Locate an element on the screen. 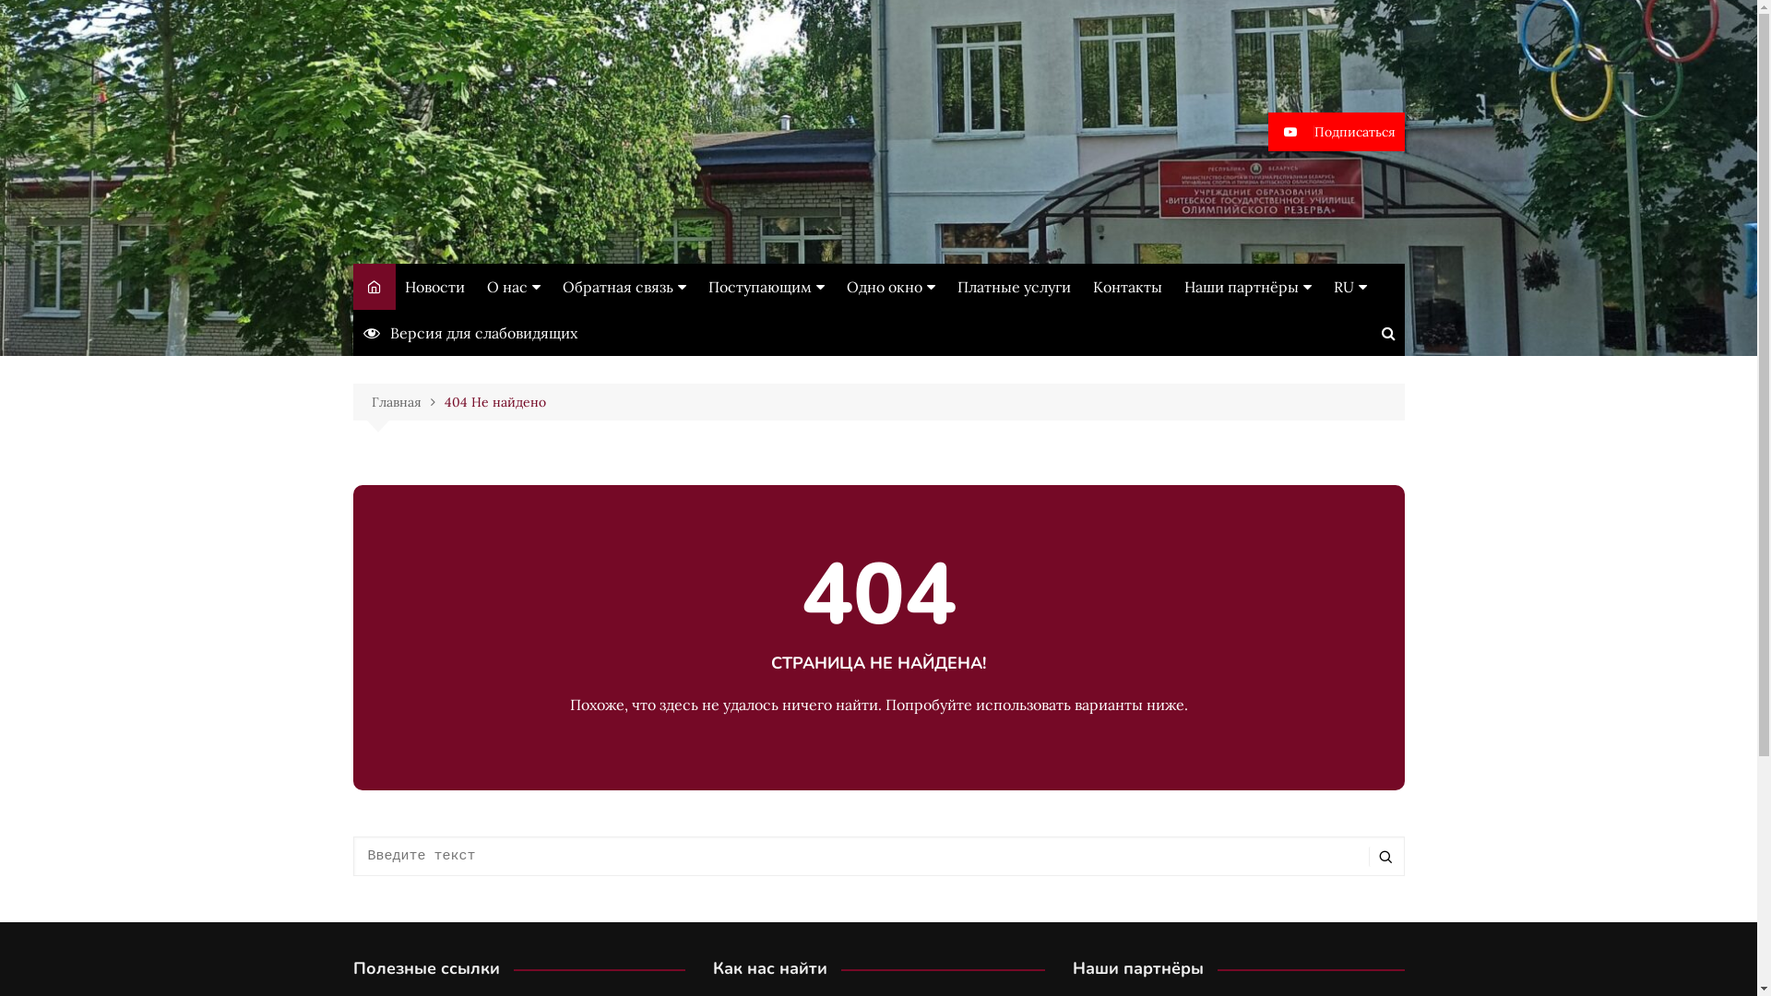  'RU' is located at coordinates (1424, 325).